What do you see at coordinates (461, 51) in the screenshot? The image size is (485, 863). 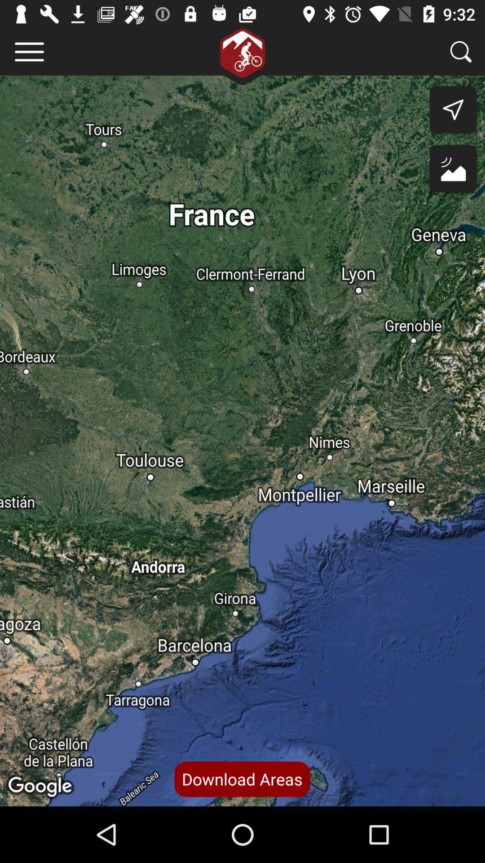 I see `search` at bounding box center [461, 51].